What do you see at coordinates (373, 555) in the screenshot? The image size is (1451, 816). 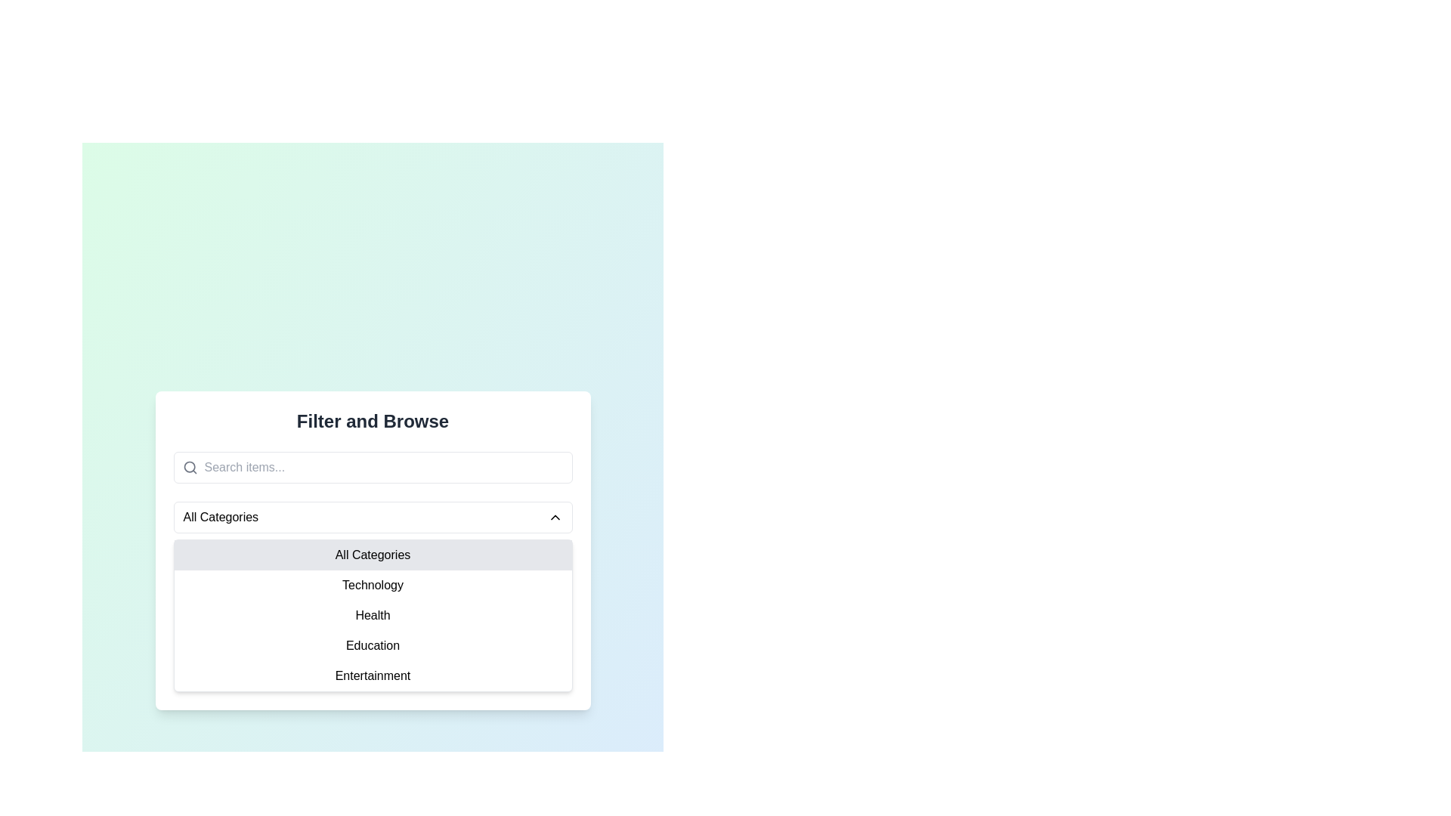 I see `the first selectable list item labeled 'All Categories' in the dropdown list` at bounding box center [373, 555].